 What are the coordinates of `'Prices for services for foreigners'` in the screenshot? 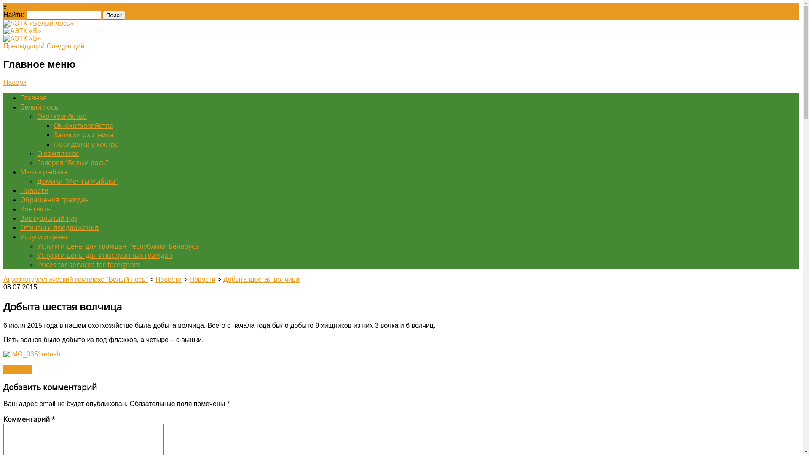 It's located at (88, 264).